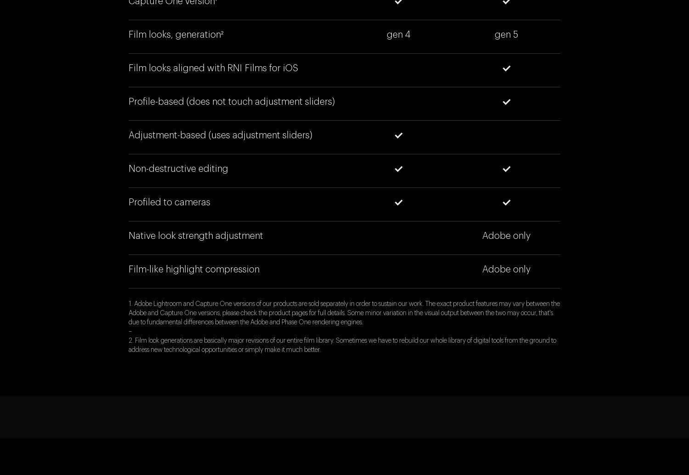 This screenshot has width=689, height=475. Describe the element at coordinates (194, 270) in the screenshot. I see `'Film-like highlight compression'` at that location.